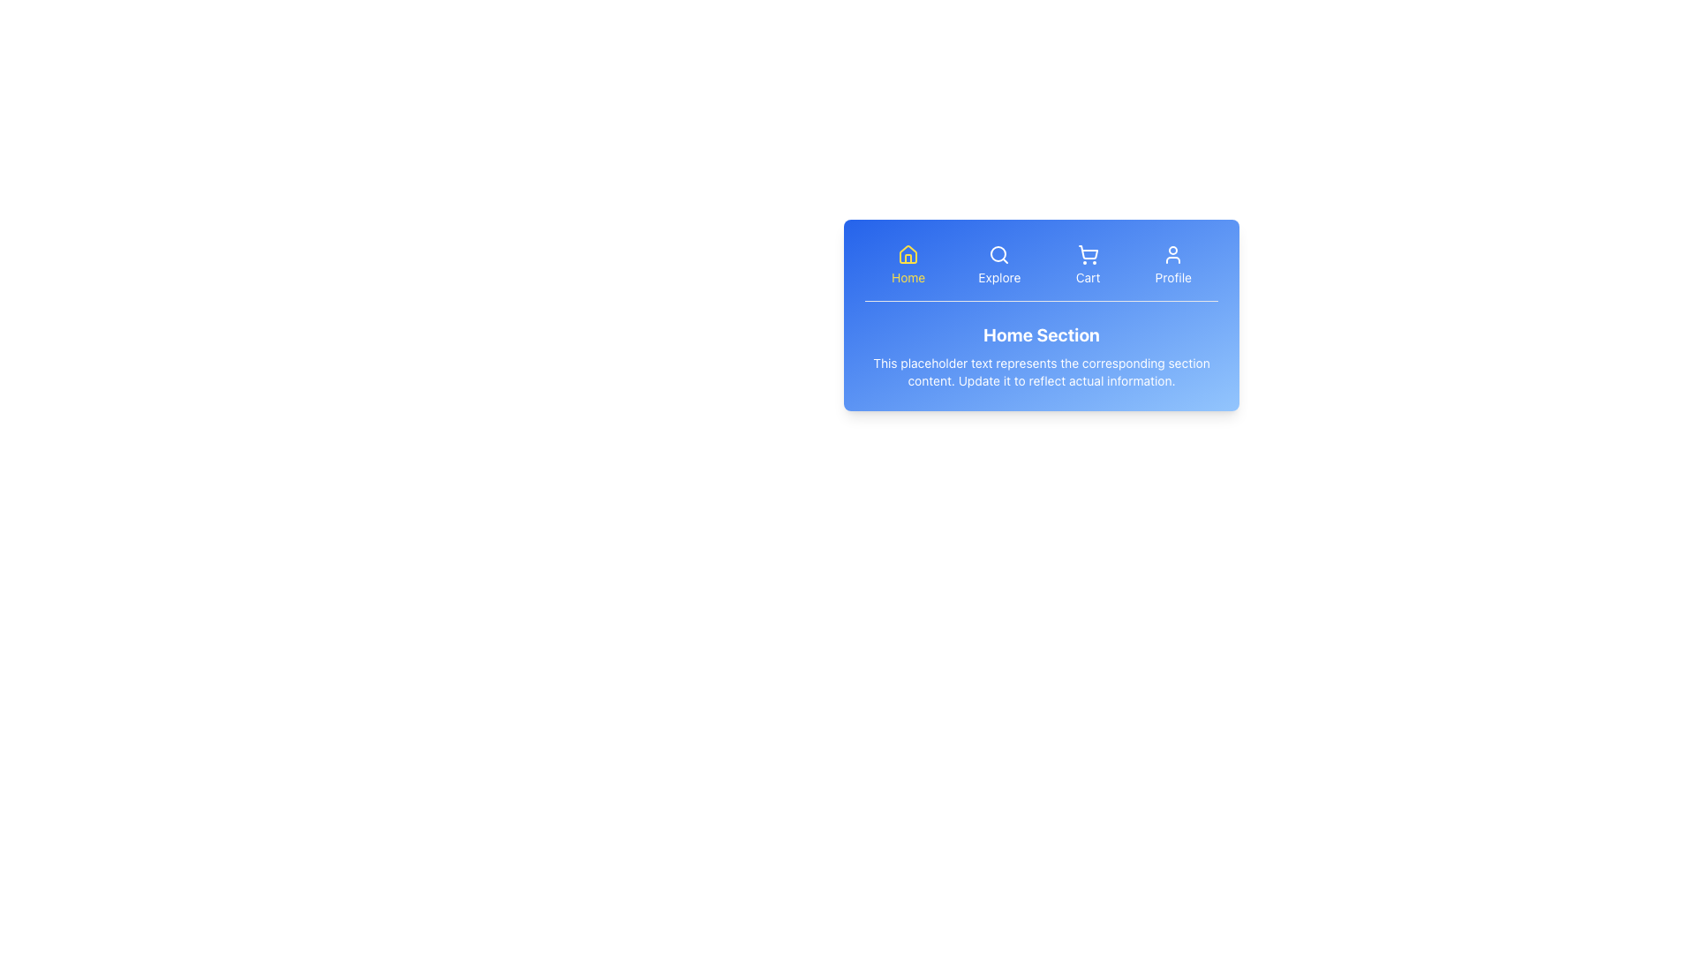  I want to click on Text Block containing the content 'This placeholder text represents the corresponding section content. Update it to reflect actual information', which is styled with a small font size and centered alignment, located beneath the title 'Home Section', so click(1042, 371).